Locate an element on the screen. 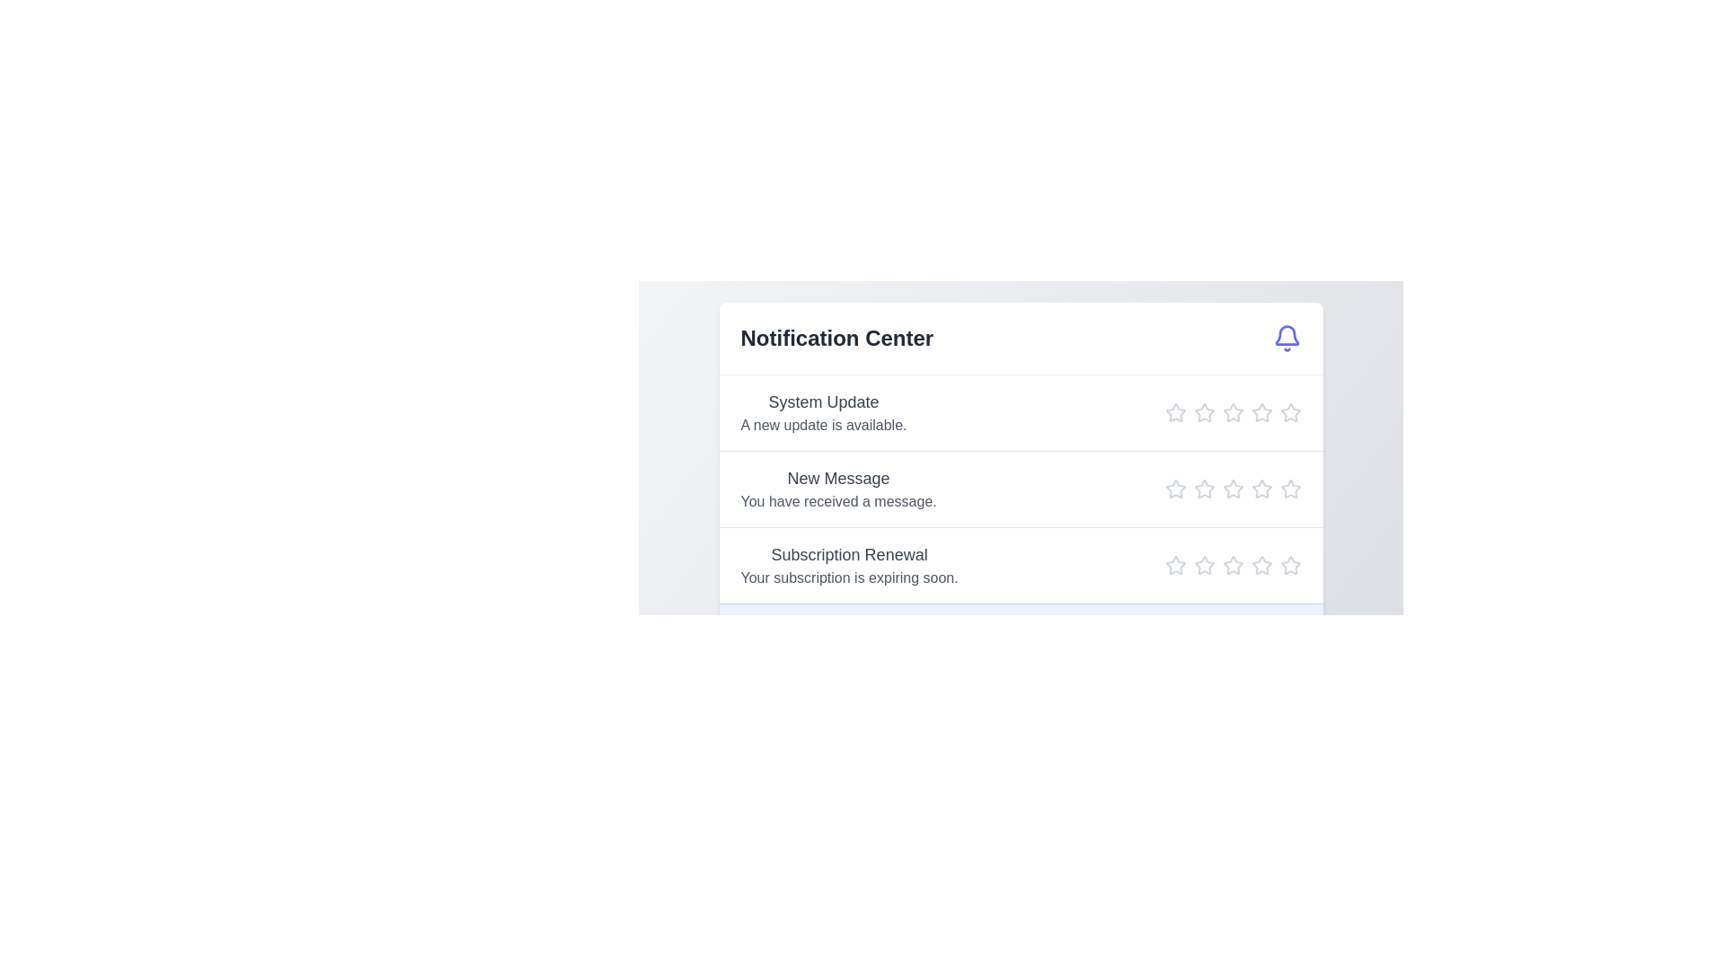  the star icon to set the rating to 3 for the notification titled 'New Message' is located at coordinates (1232, 489).